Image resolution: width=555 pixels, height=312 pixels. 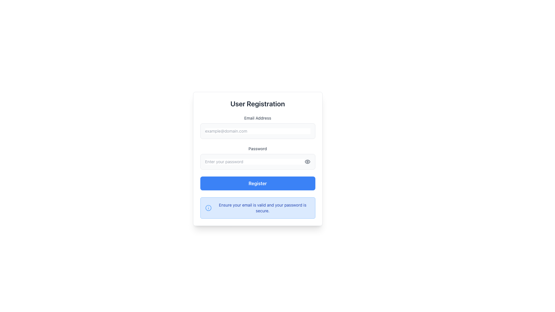 What do you see at coordinates (307, 161) in the screenshot?
I see `the eye icon button located to the right of the password input field` at bounding box center [307, 161].